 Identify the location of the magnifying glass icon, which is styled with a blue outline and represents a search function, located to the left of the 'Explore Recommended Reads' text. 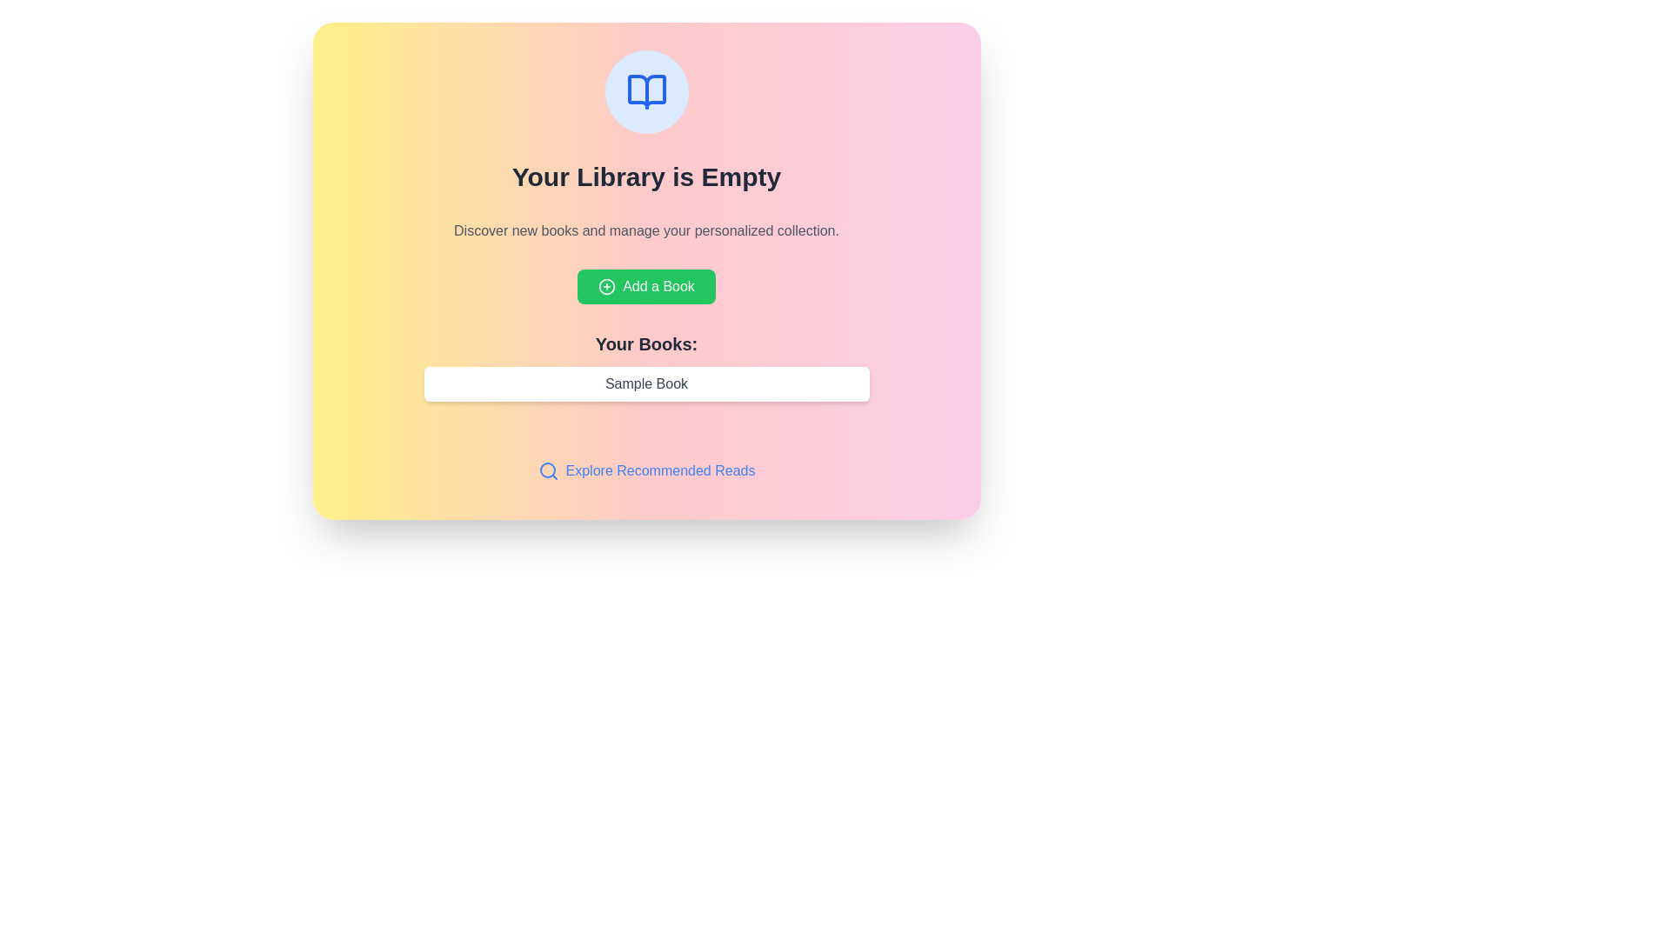
(547, 471).